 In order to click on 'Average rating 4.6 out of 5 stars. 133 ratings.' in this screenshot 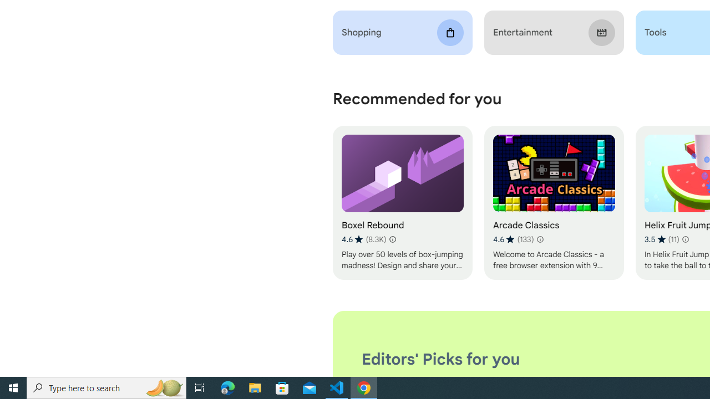, I will do `click(513, 239)`.